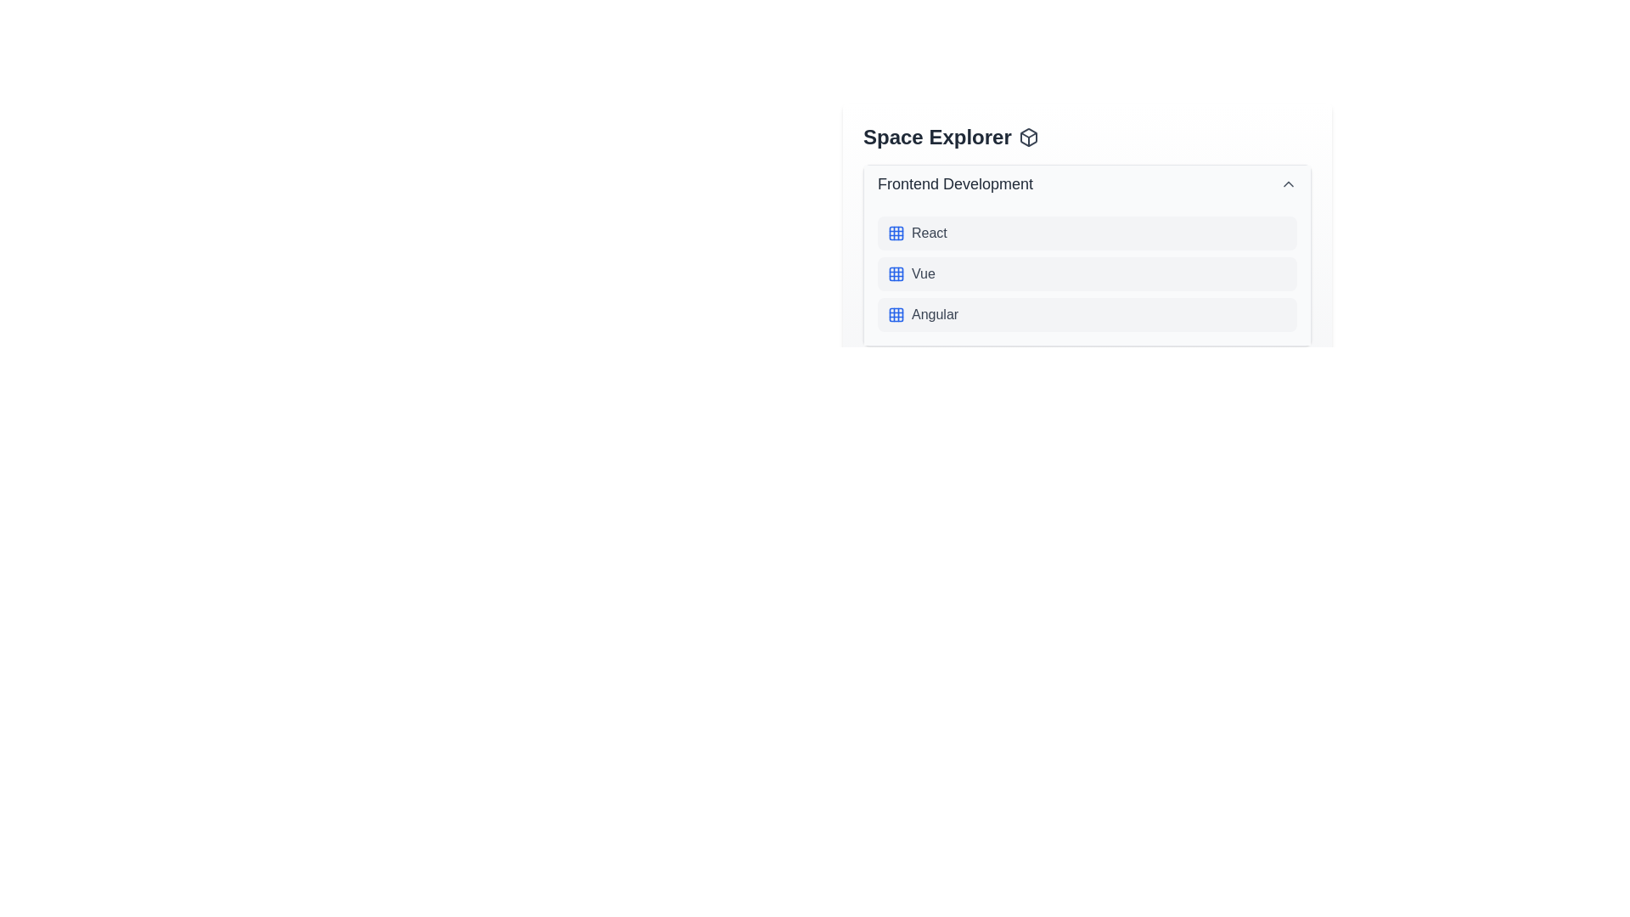 The height and width of the screenshot is (917, 1630). I want to click on the 'React' button in the navigation menu under 'Frontend Development' within the 'Space Explorer' section to trigger a styling change, so click(1088, 233).